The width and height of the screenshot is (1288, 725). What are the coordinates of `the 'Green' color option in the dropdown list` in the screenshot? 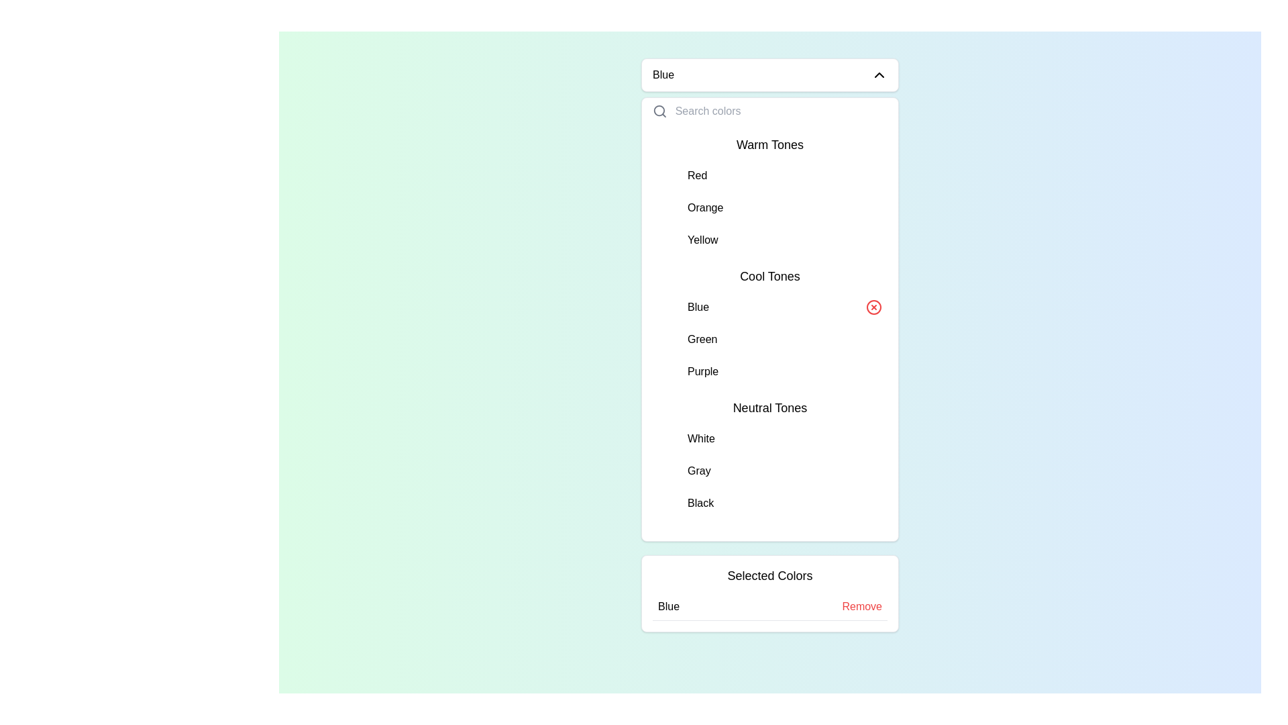 It's located at (769, 338).